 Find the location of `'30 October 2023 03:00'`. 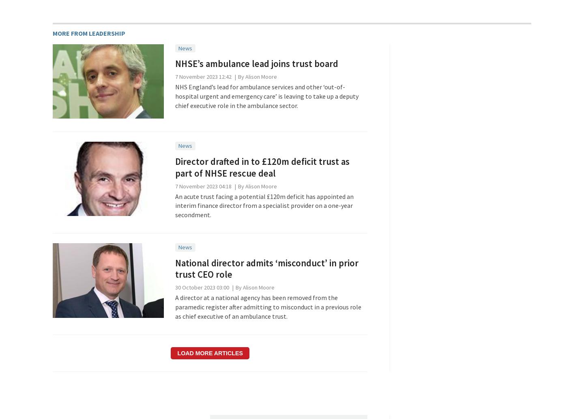

'30 October 2023 03:00' is located at coordinates (201, 287).